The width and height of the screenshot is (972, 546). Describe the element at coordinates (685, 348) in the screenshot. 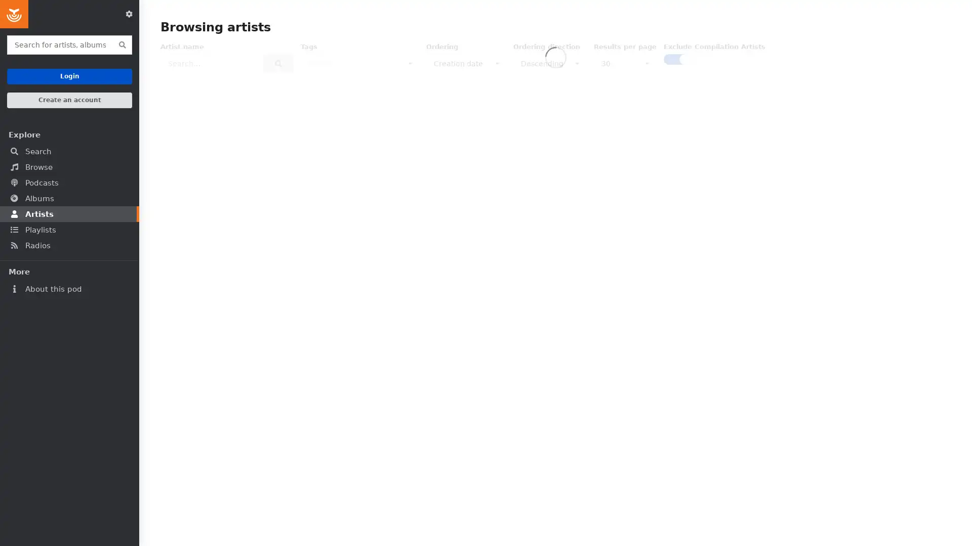

I see `Play artist` at that location.